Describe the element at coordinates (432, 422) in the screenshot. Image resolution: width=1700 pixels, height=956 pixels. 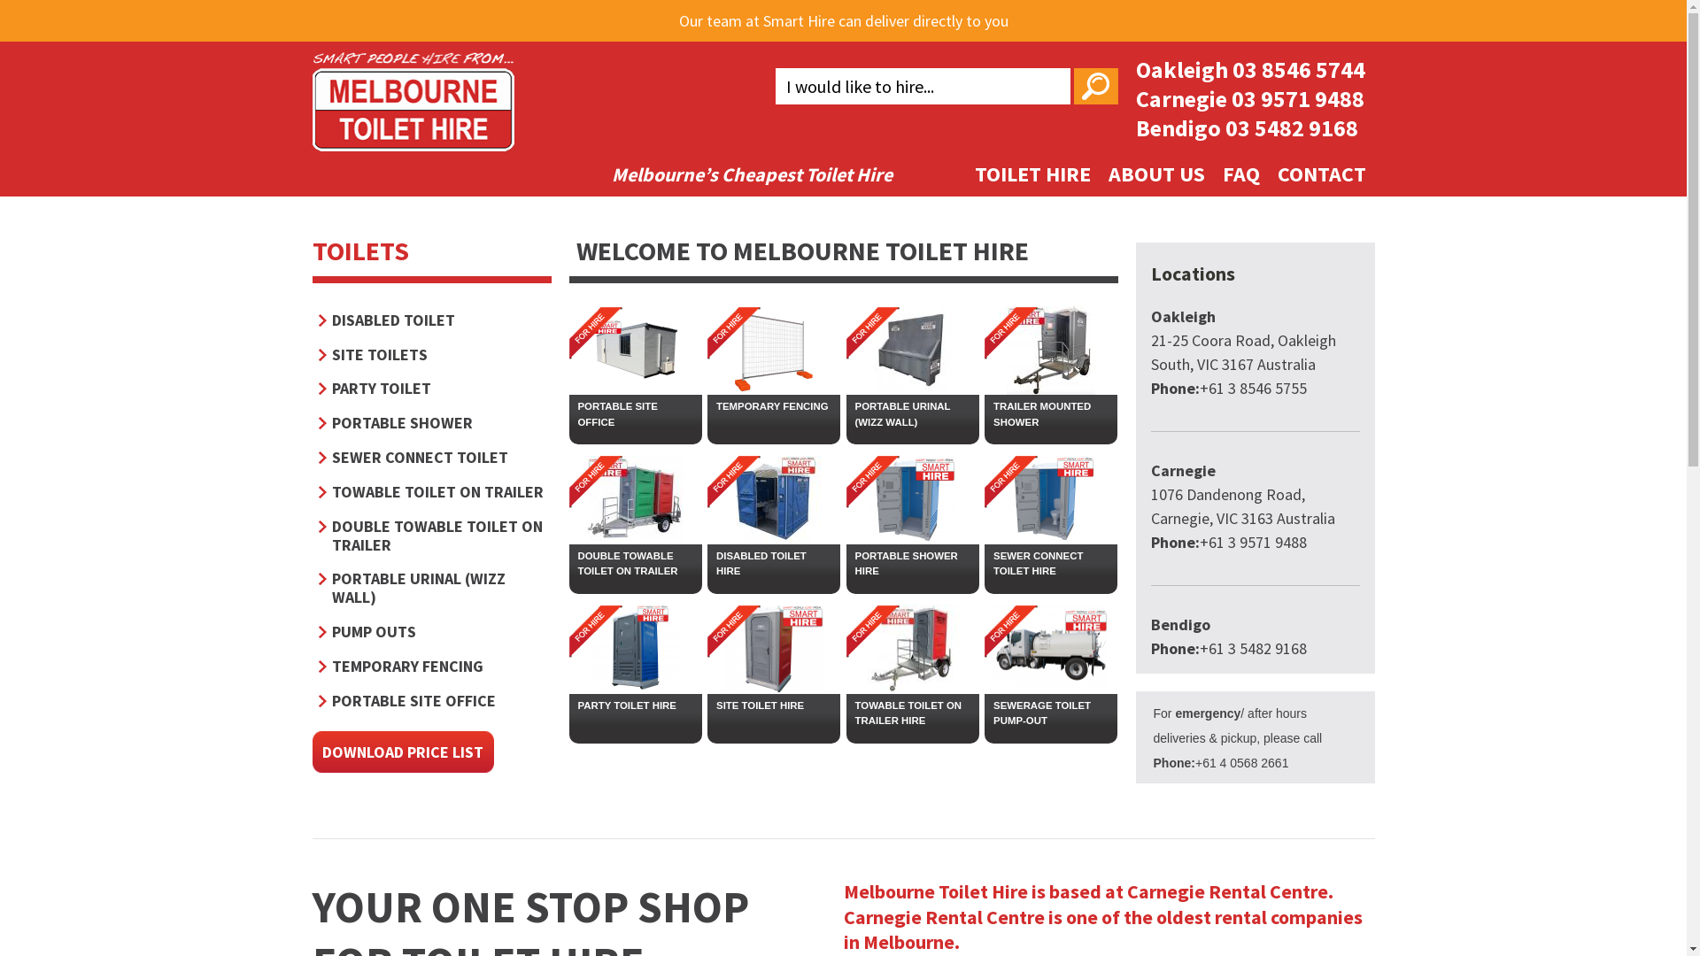
I see `'PORTABLE SHOWER'` at that location.